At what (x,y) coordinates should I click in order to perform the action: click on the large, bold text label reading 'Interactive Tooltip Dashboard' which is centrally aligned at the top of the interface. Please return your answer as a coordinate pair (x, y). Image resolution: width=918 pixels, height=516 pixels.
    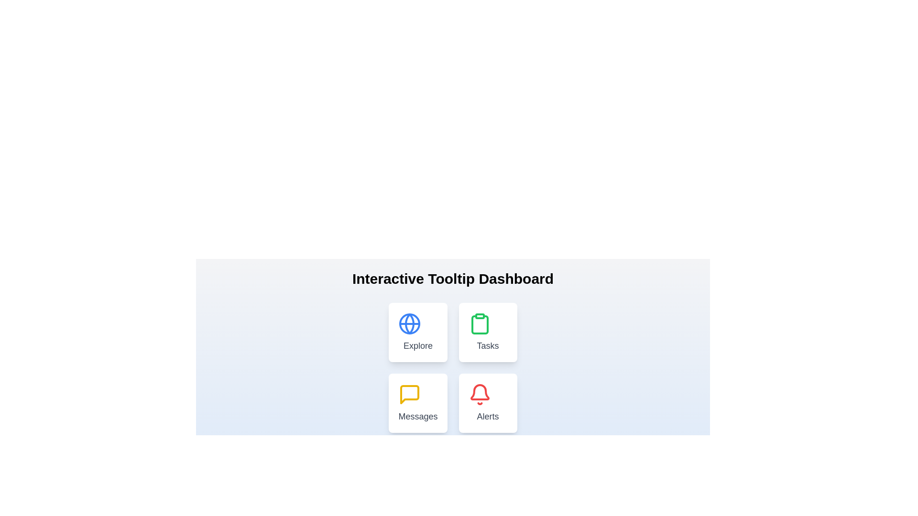
    Looking at the image, I should click on (452, 279).